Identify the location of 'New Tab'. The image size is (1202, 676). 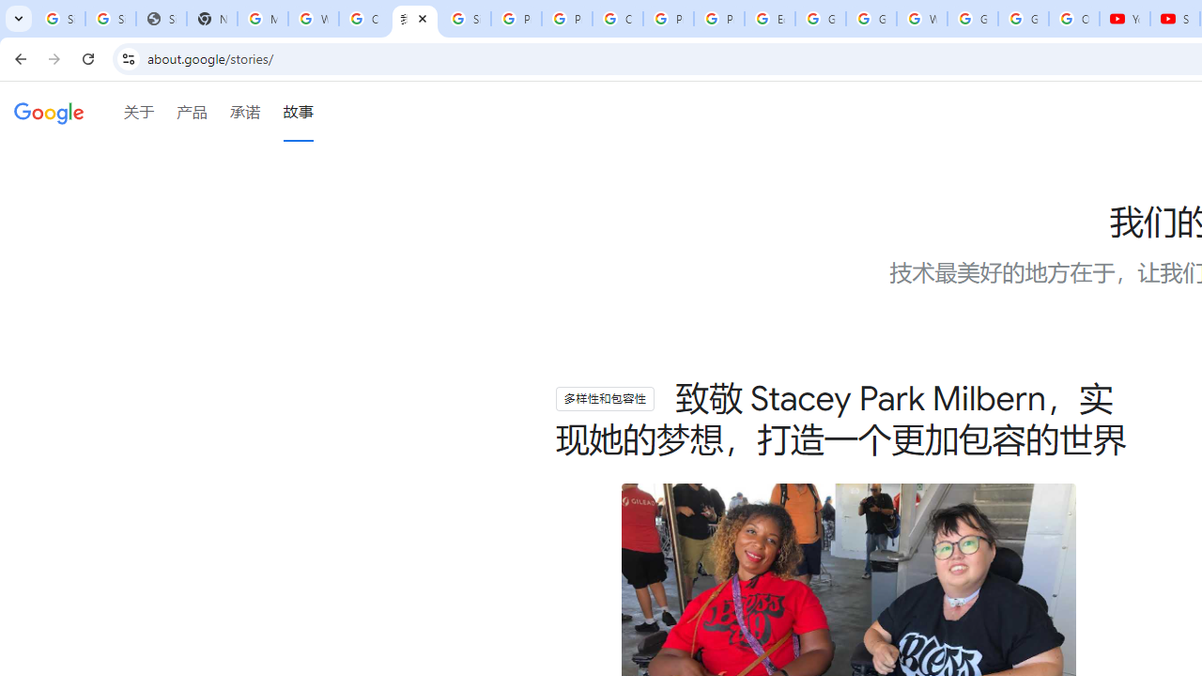
(211, 19).